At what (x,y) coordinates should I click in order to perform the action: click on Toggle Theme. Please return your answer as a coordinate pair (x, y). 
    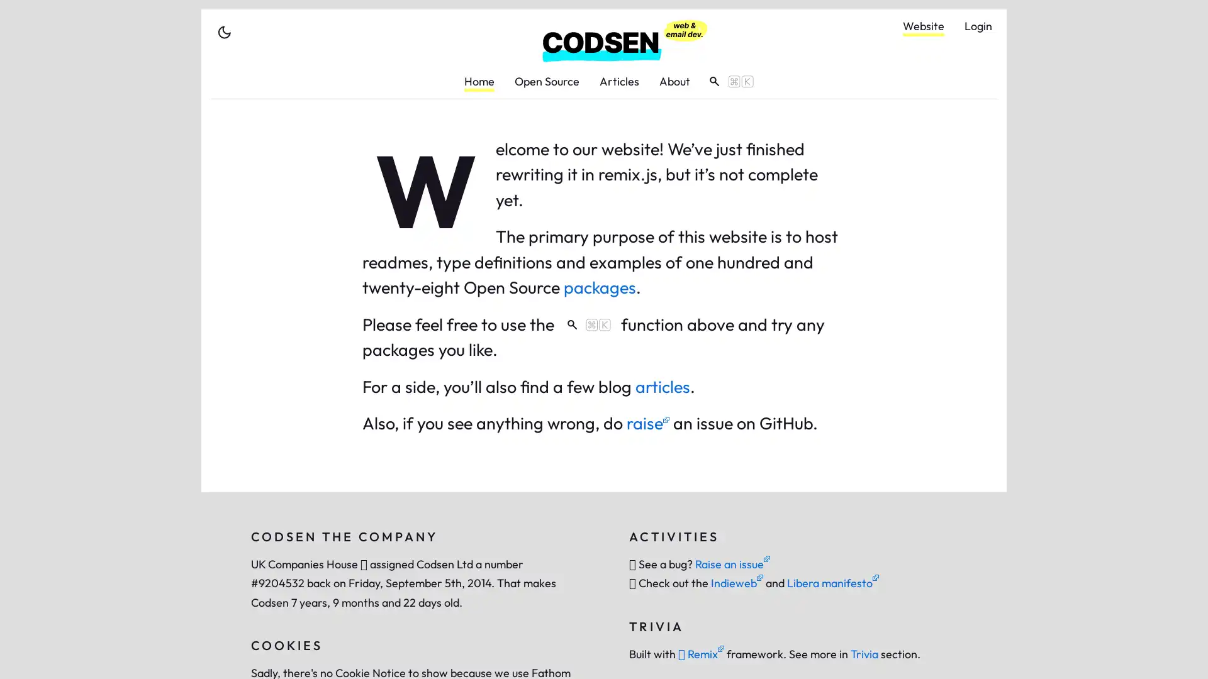
    Looking at the image, I should click on (224, 31).